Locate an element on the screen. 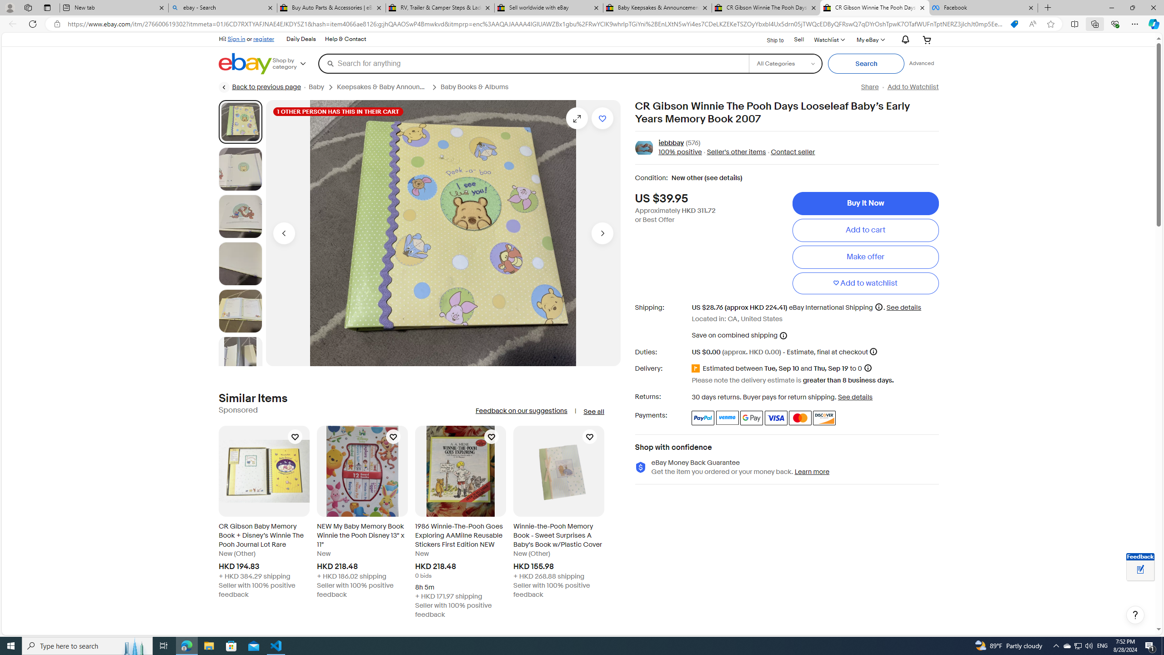 This screenshot has width=1164, height=655. 'AutomationID: gh-shipto-click' is located at coordinates (769, 39).